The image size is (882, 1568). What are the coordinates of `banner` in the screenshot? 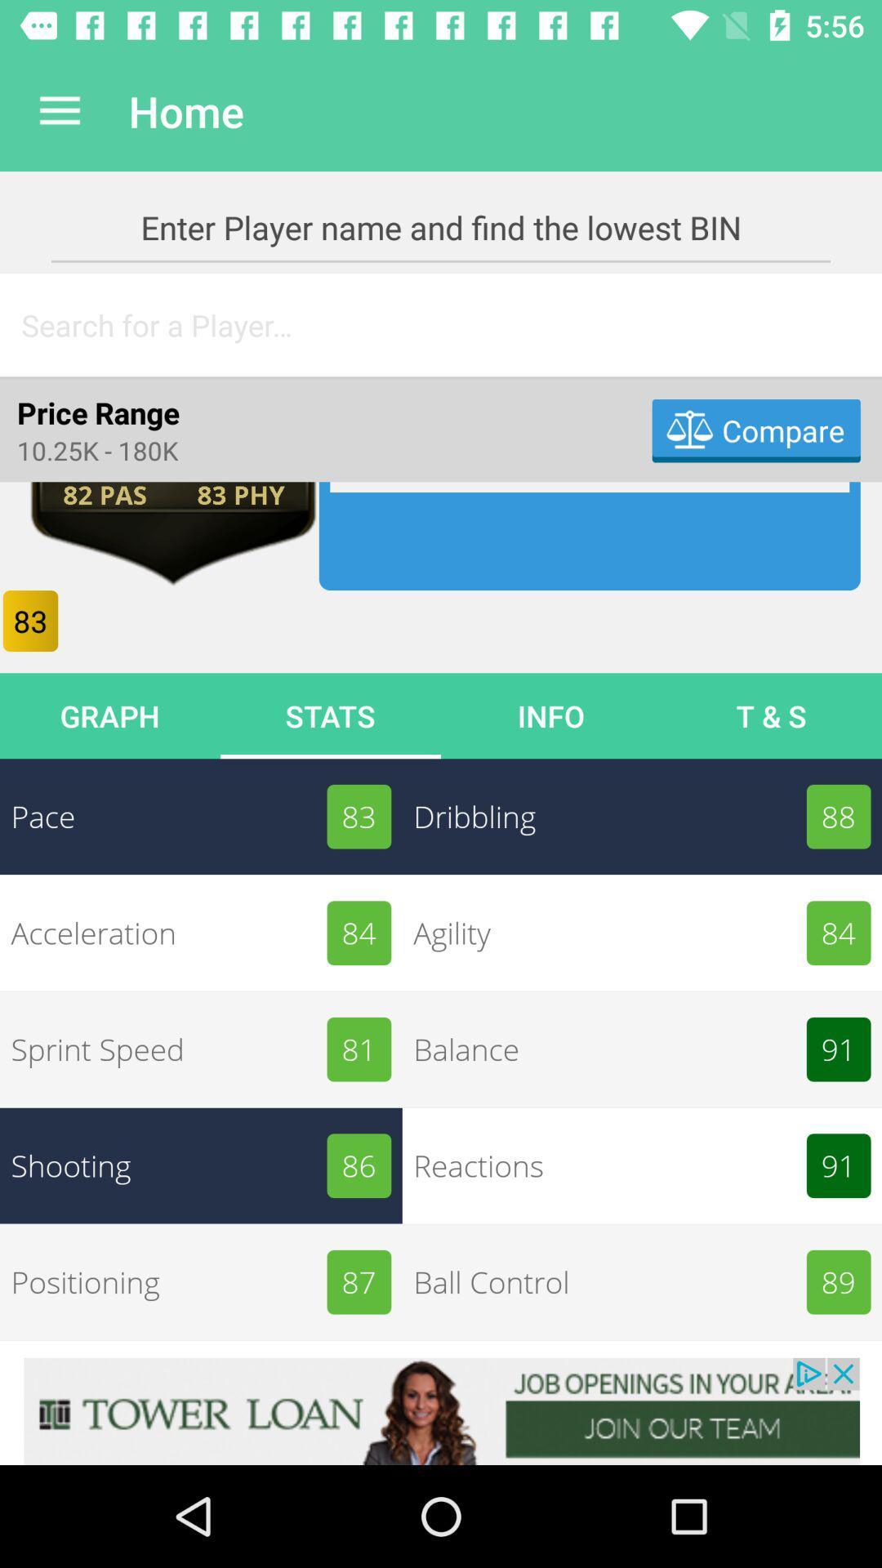 It's located at (441, 1410).